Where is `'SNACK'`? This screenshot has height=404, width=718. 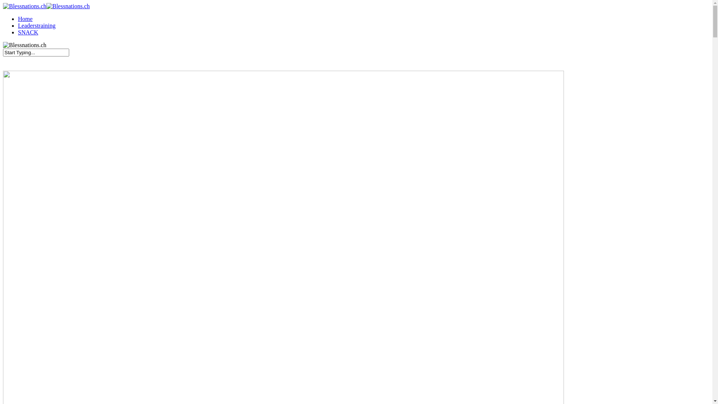 'SNACK' is located at coordinates (28, 32).